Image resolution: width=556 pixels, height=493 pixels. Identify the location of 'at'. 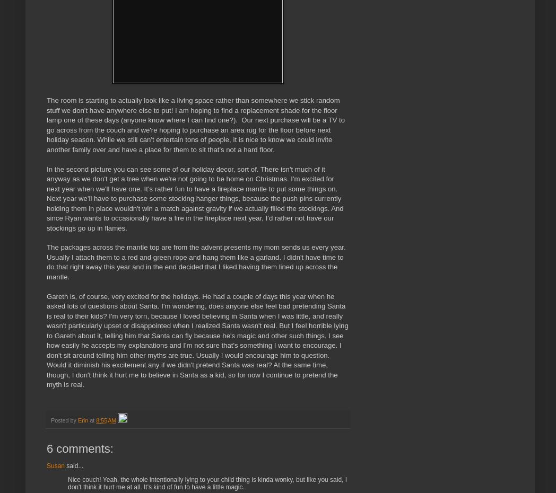
(92, 420).